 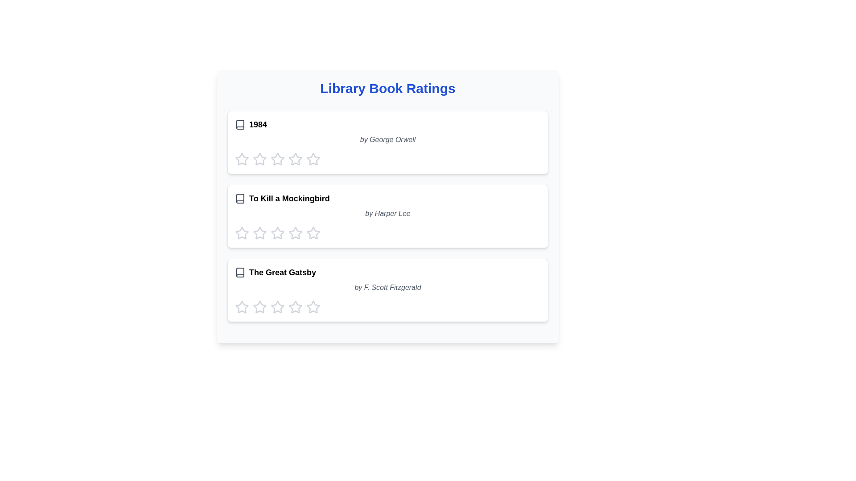 What do you see at coordinates (277, 159) in the screenshot?
I see `the second star rating icon` at bounding box center [277, 159].